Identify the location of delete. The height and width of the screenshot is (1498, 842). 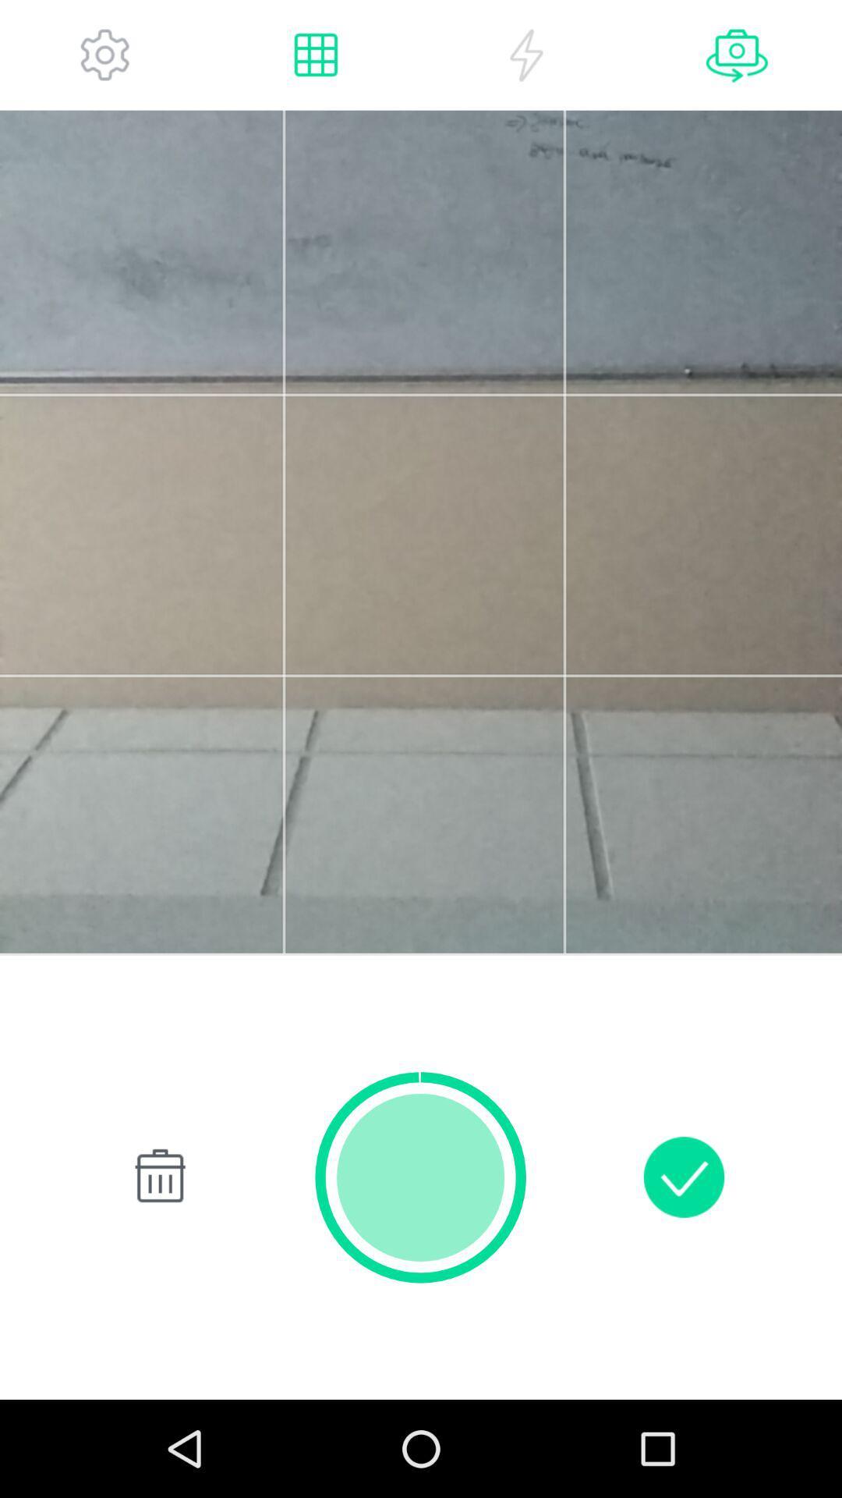
(157, 1177).